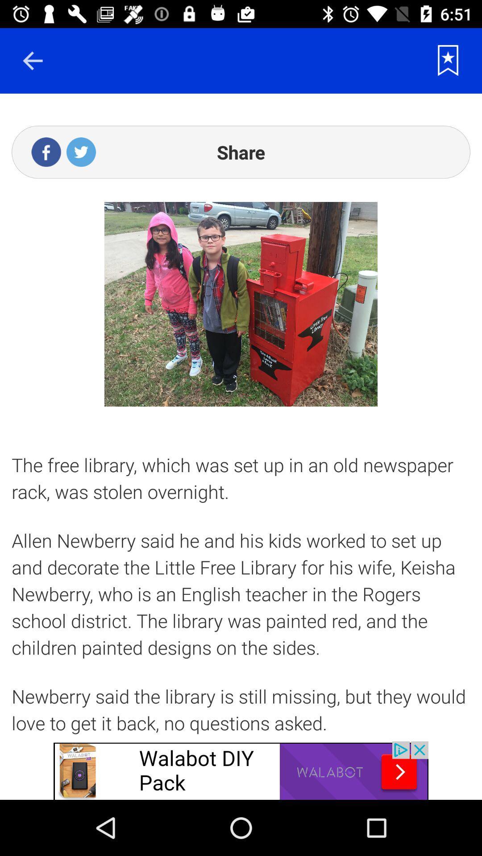  I want to click on back, so click(32, 60).